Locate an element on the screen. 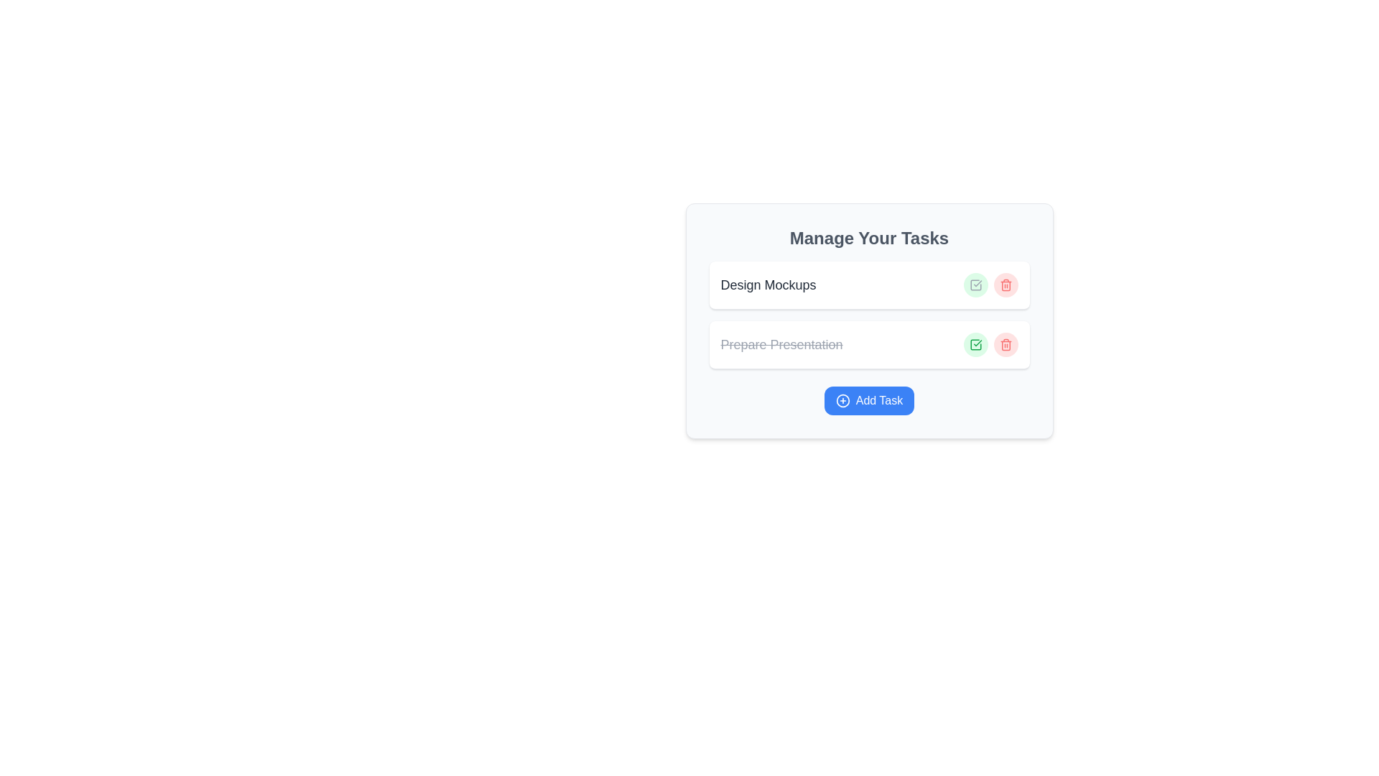 This screenshot has height=776, width=1379. the red trash can icon located to the right of the 'Design Mockups' task item is located at coordinates (1005, 285).